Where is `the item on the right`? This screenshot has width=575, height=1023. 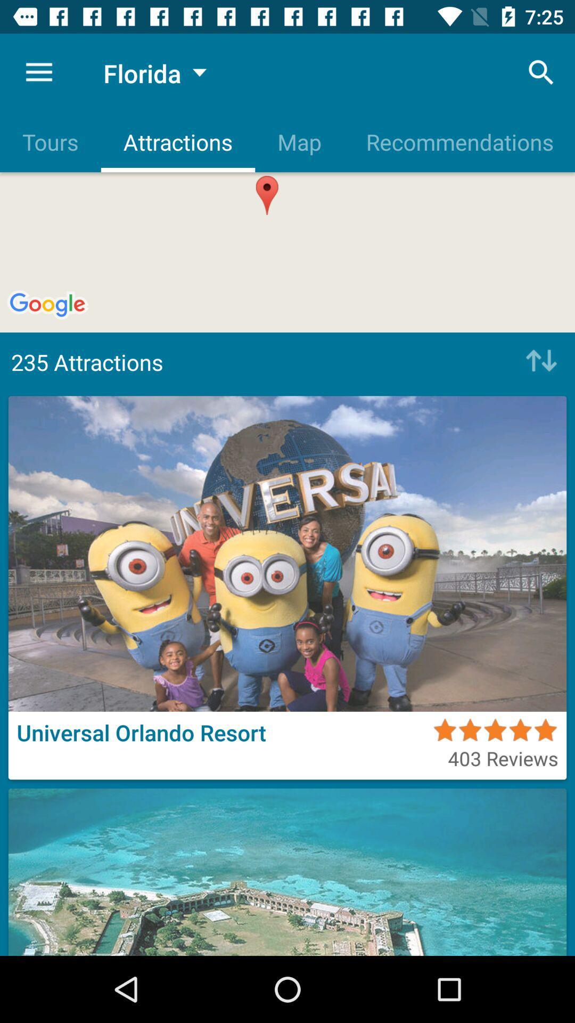 the item on the right is located at coordinates (538, 362).